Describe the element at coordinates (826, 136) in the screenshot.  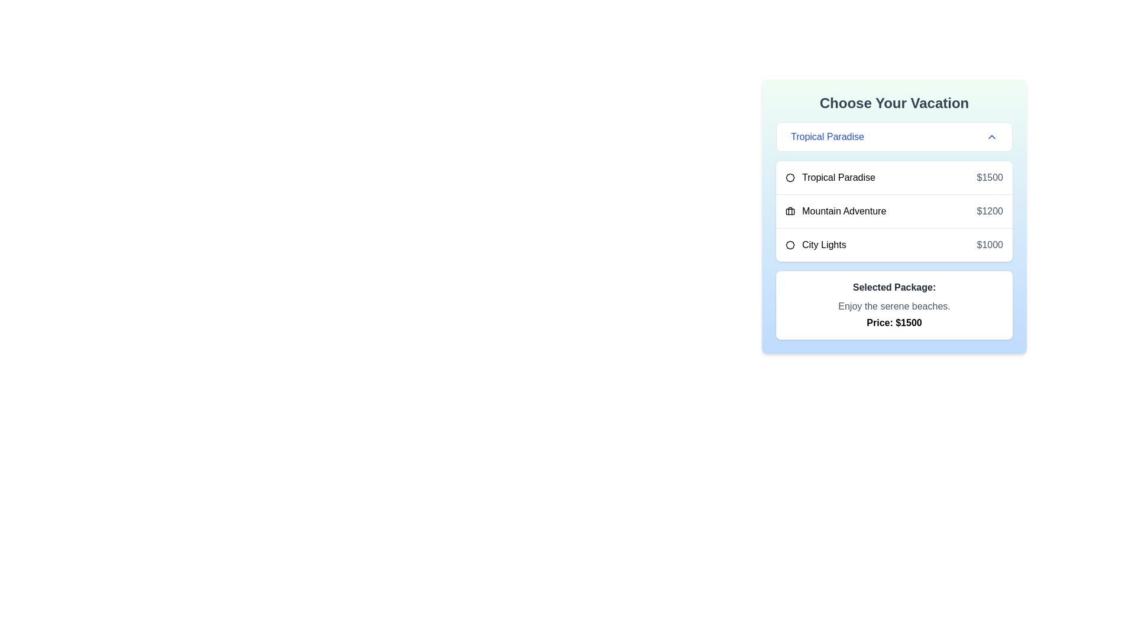
I see `the text label displaying 'Tropical Paradise' in blue font, which is part of a selectable area for a dropdown interface` at that location.